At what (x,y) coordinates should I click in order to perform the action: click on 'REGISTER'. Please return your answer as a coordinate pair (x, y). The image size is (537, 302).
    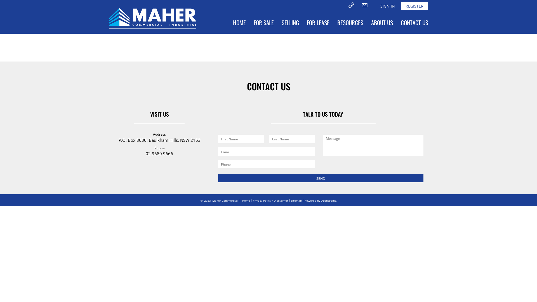
    Looking at the image, I should click on (414, 6).